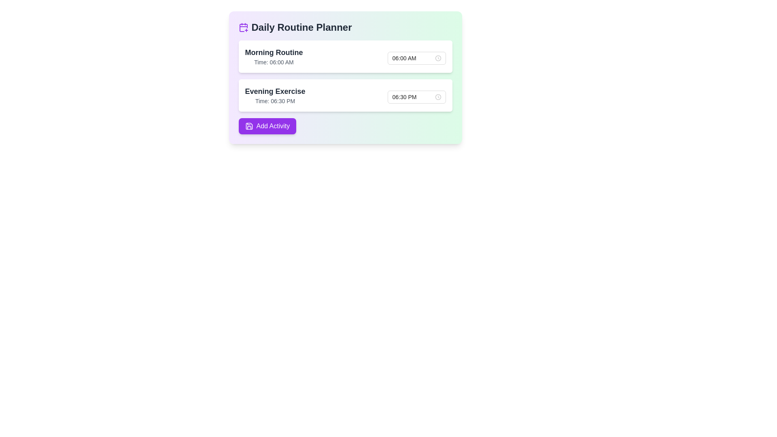 This screenshot has width=777, height=437. I want to click on the title and description text display element in the Daily Routine Planner, which is the first entry in the list of routines, so click(274, 56).